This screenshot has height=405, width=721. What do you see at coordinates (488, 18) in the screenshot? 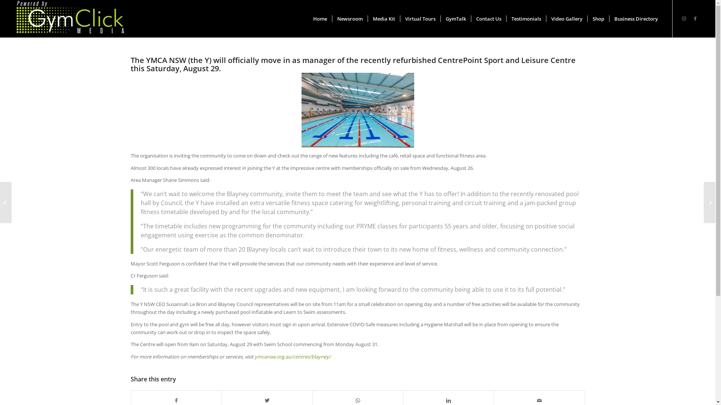
I see `'Contact Us'` at bounding box center [488, 18].